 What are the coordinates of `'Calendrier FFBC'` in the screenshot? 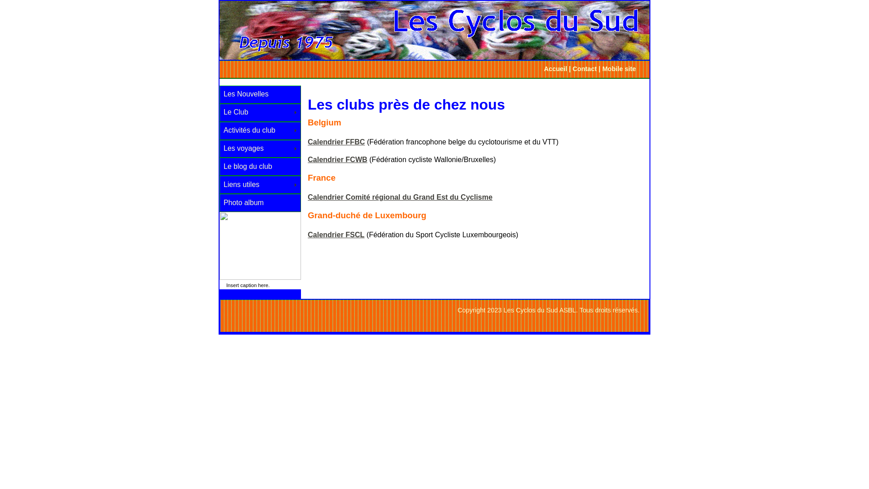 It's located at (336, 142).